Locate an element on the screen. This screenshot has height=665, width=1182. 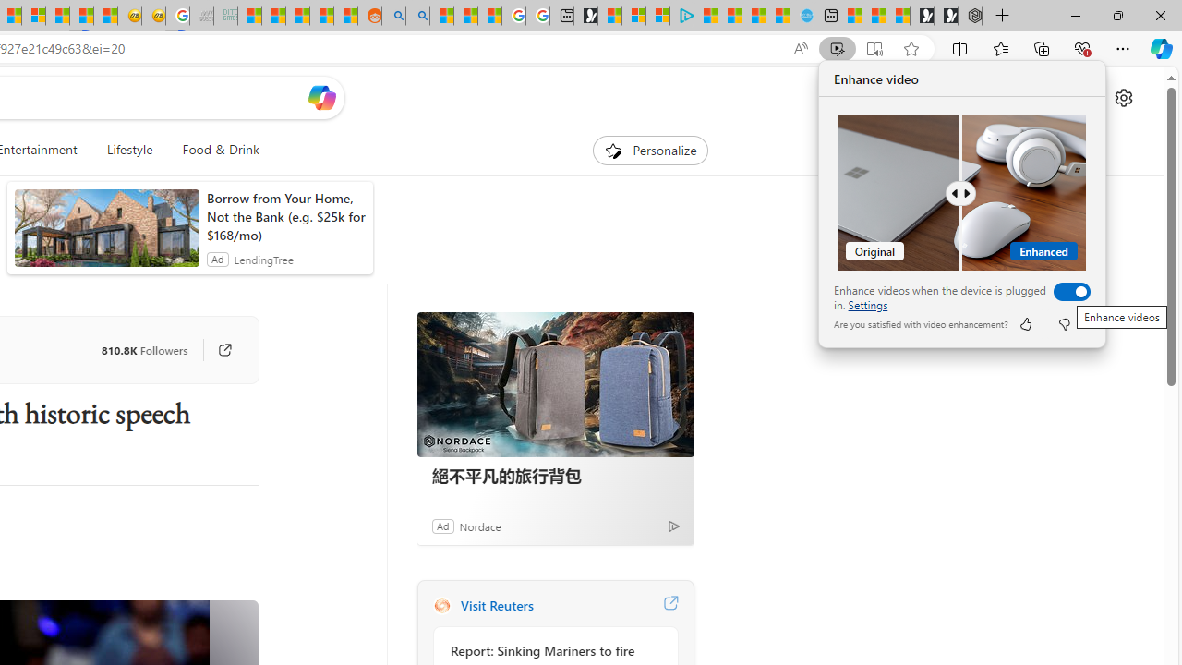
'Food & Drink' is located at coordinates (213, 150).